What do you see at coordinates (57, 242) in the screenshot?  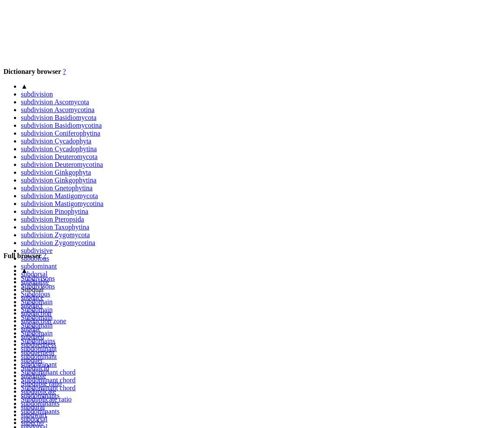 I see `'subdivision Zygomycotina'` at bounding box center [57, 242].